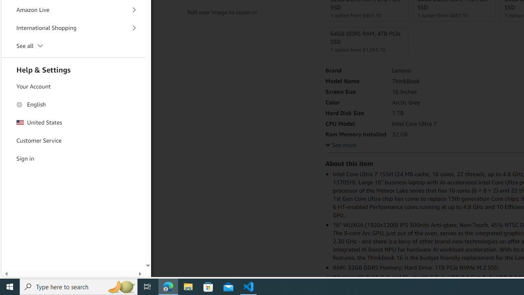  I want to click on 'United States', so click(73, 122).